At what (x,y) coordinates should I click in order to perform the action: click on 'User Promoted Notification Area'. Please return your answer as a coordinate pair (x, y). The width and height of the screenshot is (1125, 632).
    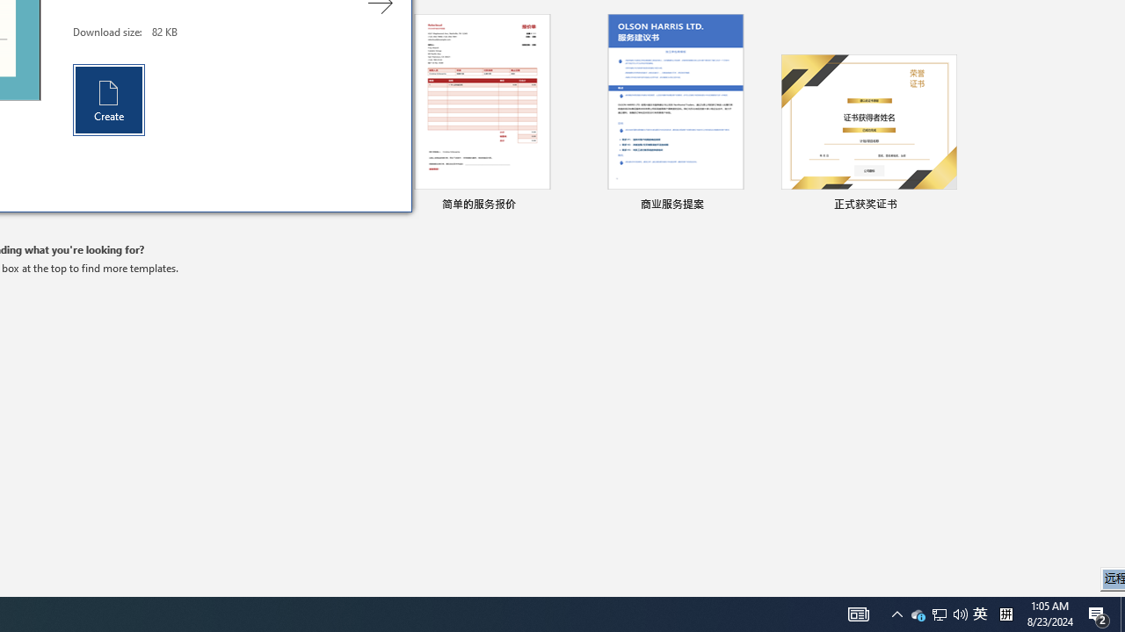
    Looking at the image, I should click on (939, 613).